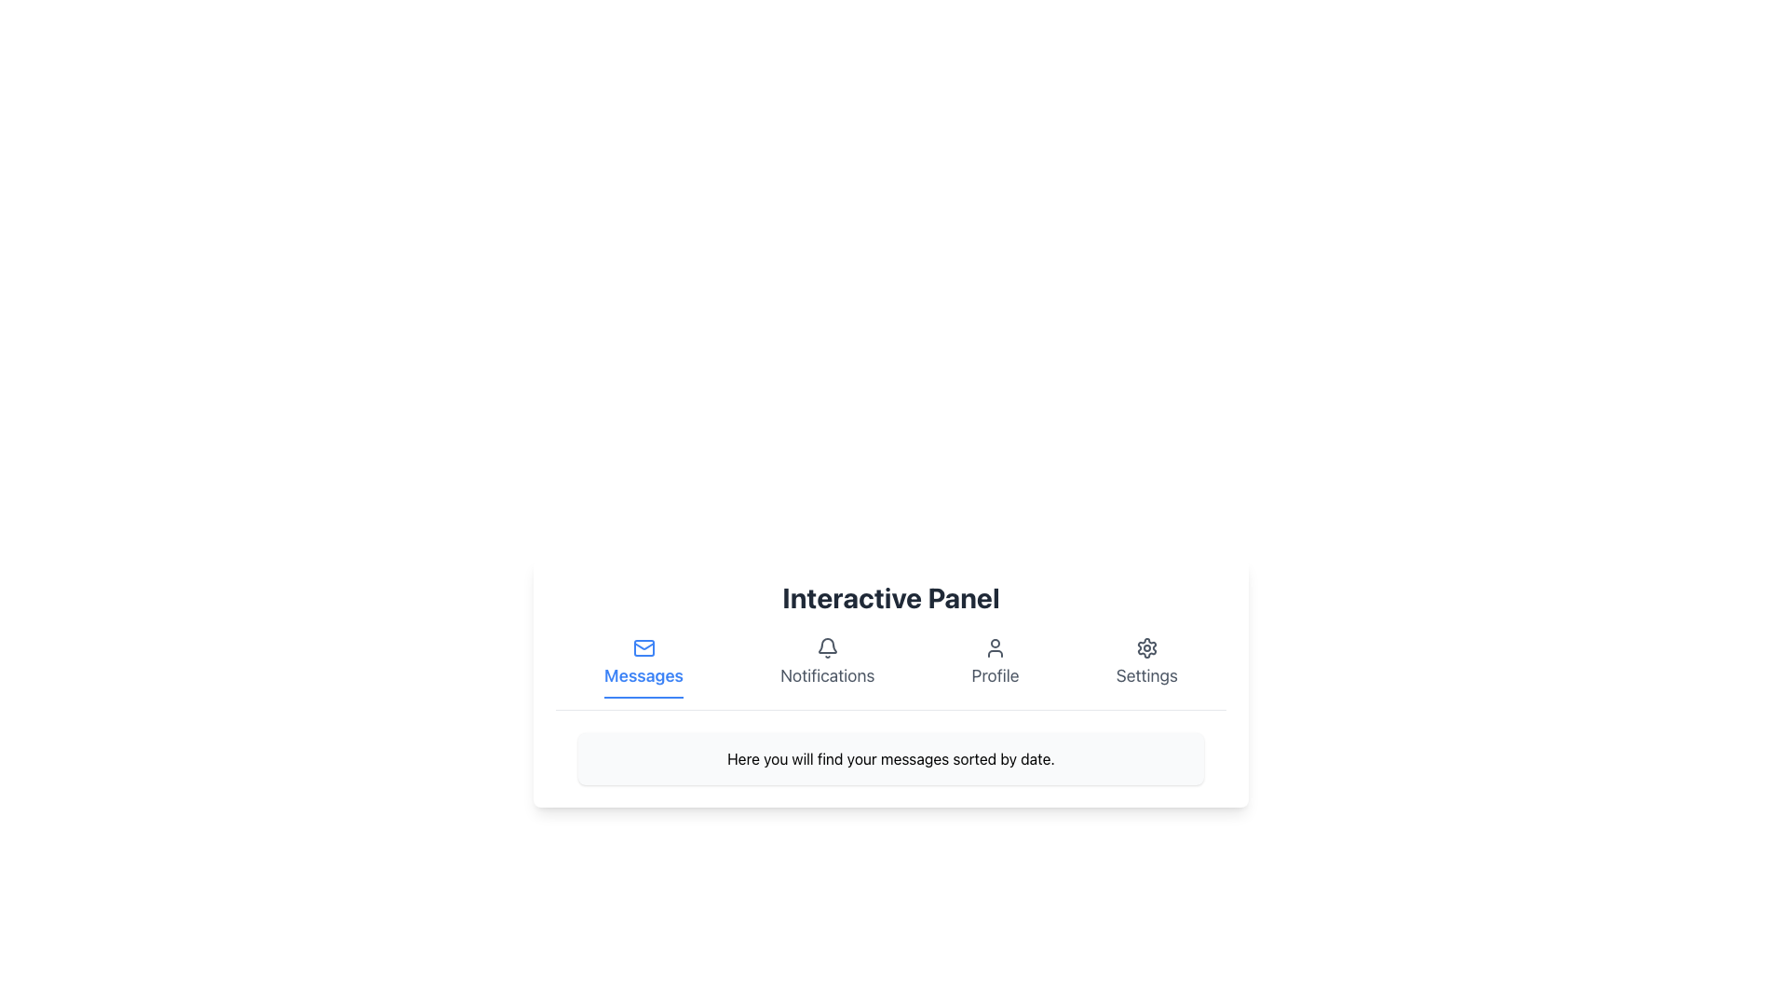 The height and width of the screenshot is (1006, 1788). Describe the element at coordinates (643, 675) in the screenshot. I see `text label 'Messages' located below the mail envelope icon in the navigation menu at the bottom center of the interface` at that location.